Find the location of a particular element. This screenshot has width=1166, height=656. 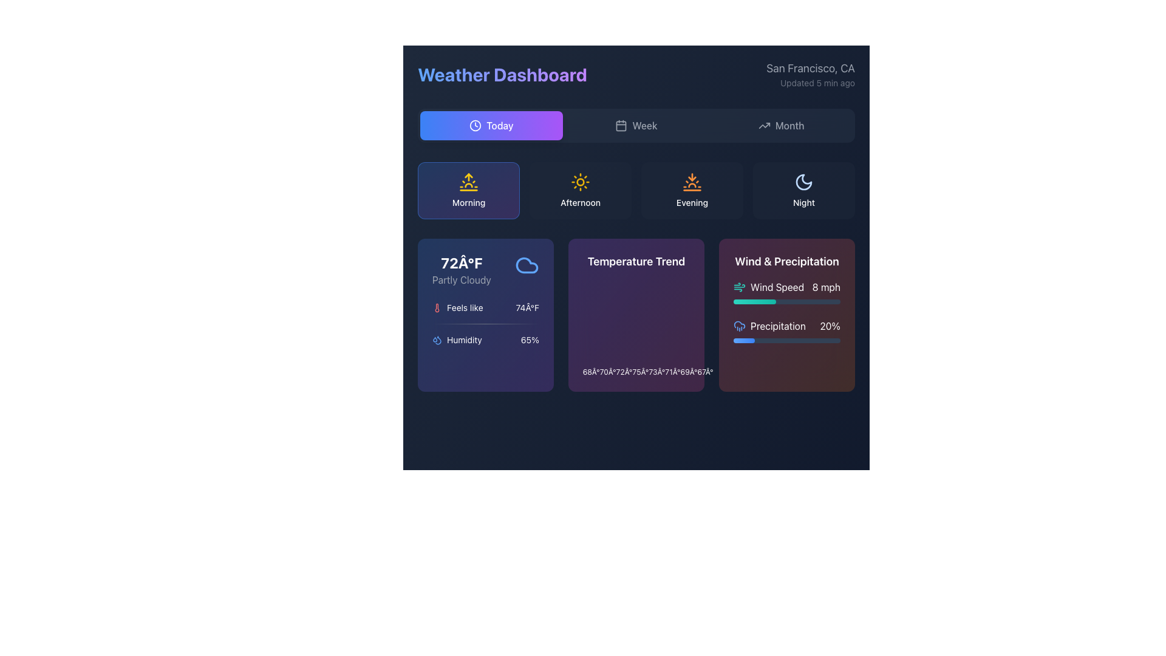

the graphical data representation component that visually indicates a specific temperature value, located as the eighth entry in the temperature list within the 'Temperature Trend' section is located at coordinates (705, 369).